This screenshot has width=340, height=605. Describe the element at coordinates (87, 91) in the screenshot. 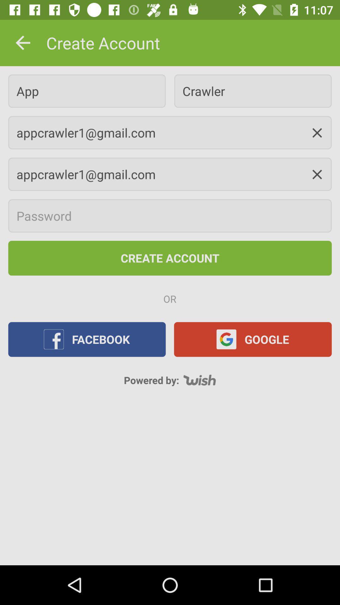

I see `item below create account icon` at that location.